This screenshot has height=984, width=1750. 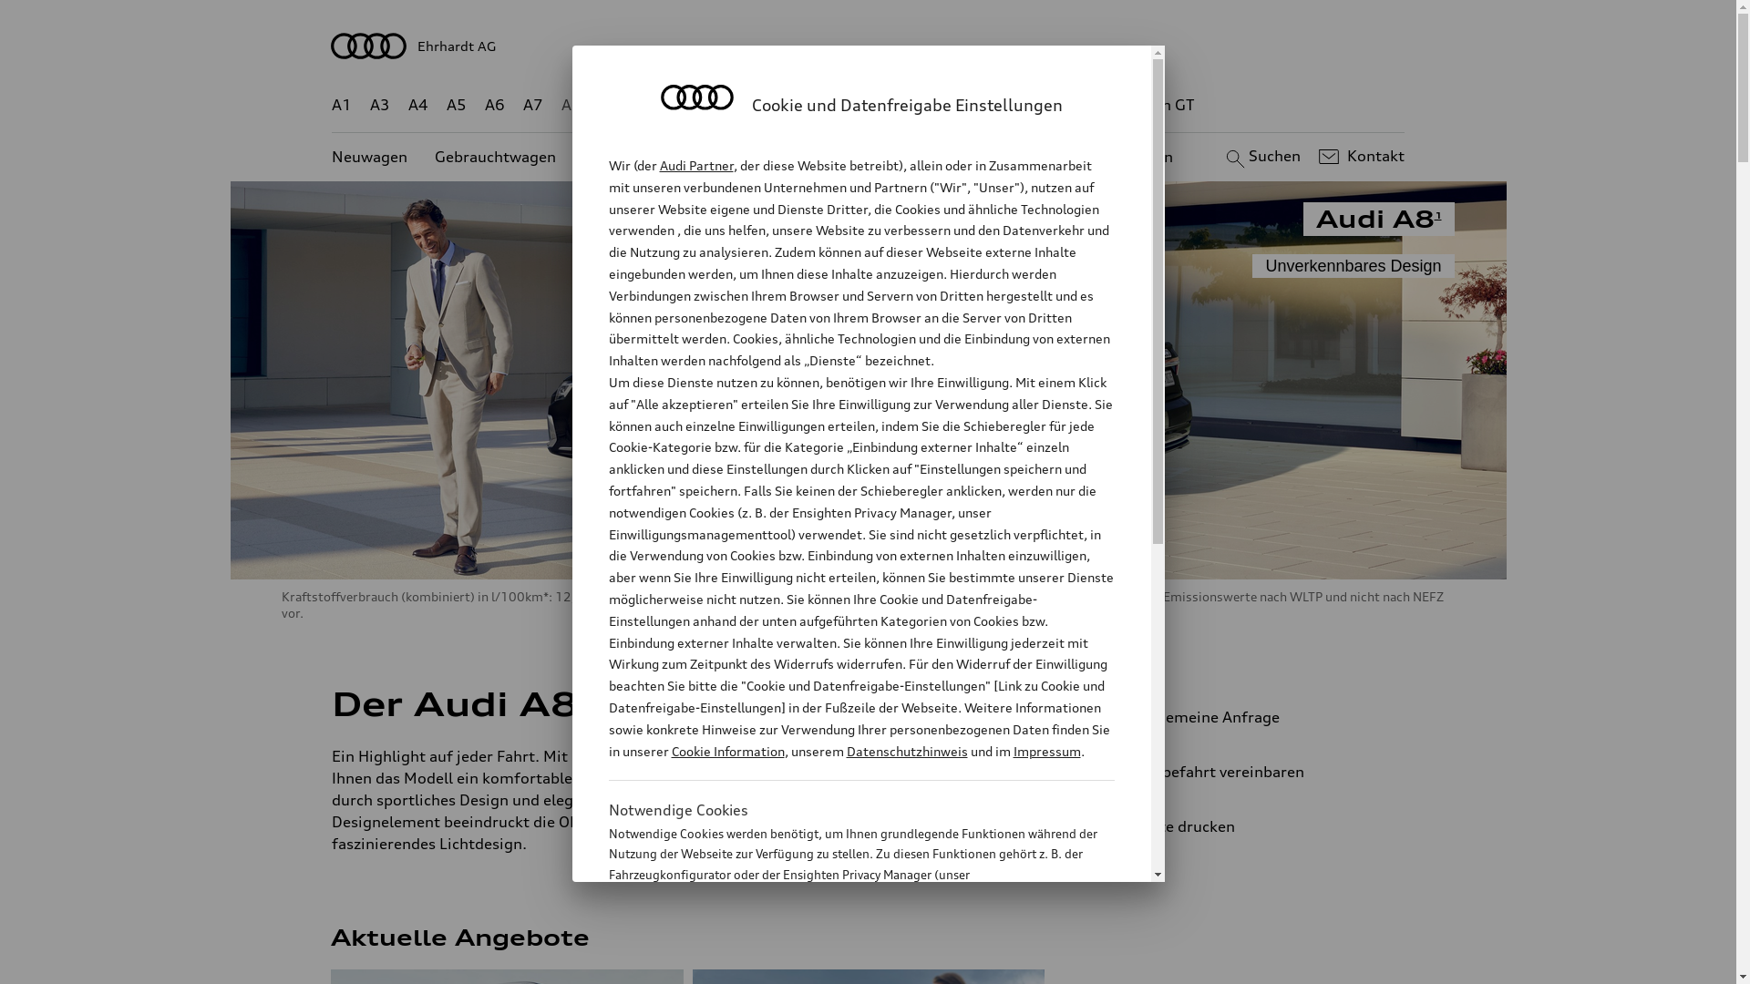 What do you see at coordinates (1046, 751) in the screenshot?
I see `'Impressum'` at bounding box center [1046, 751].